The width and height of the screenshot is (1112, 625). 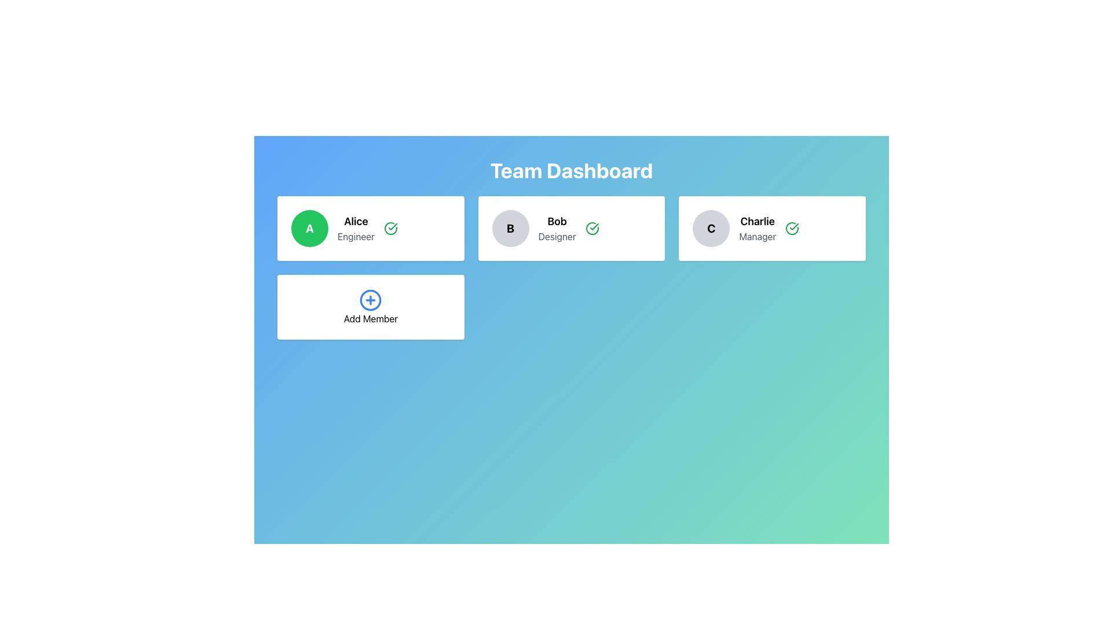 What do you see at coordinates (557, 228) in the screenshot?
I see `the text displaying the name 'Bob' and title 'Designer' which is located in the second card from the left in the top row of a grid arrangement` at bounding box center [557, 228].